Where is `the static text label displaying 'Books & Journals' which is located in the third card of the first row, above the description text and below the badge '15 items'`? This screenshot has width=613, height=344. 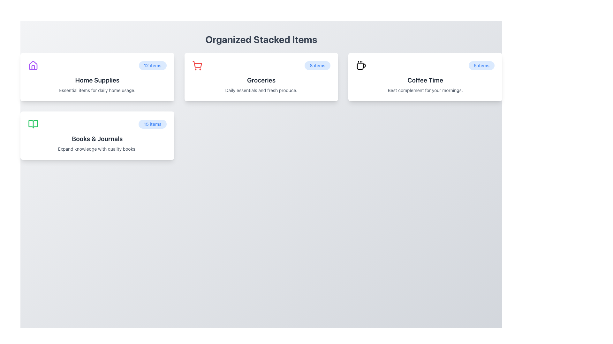 the static text label displaying 'Books & Journals' which is located in the third card of the first row, above the description text and below the badge '15 items' is located at coordinates (97, 138).